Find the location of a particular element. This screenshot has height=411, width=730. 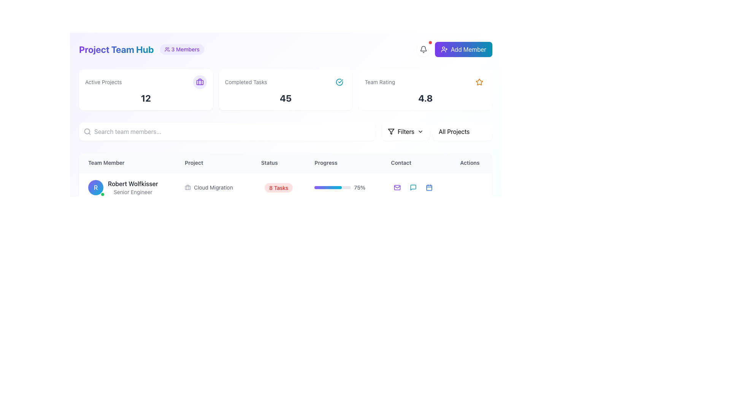

the circular cyan button with a speech bubble shape located in the middle of a group of three icons in the 'Contact' column is located at coordinates (413, 245).